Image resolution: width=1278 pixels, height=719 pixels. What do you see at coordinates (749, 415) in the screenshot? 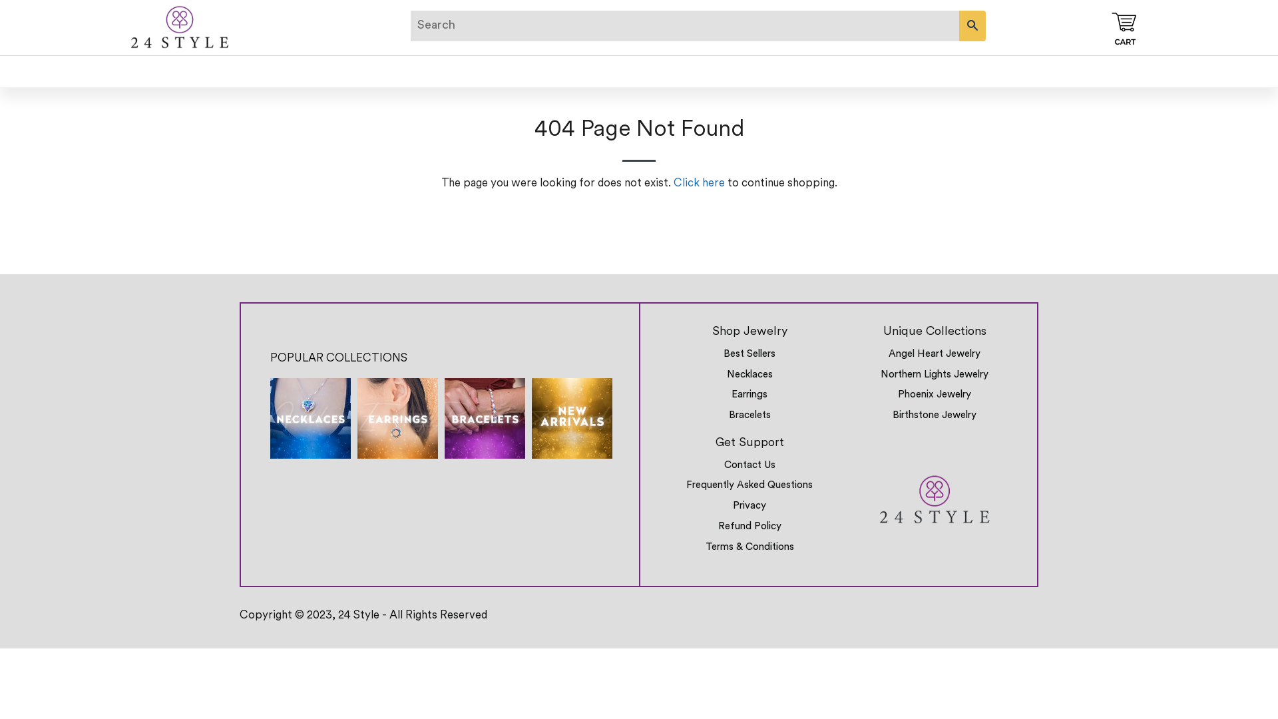
I see `'Bracelets'` at bounding box center [749, 415].